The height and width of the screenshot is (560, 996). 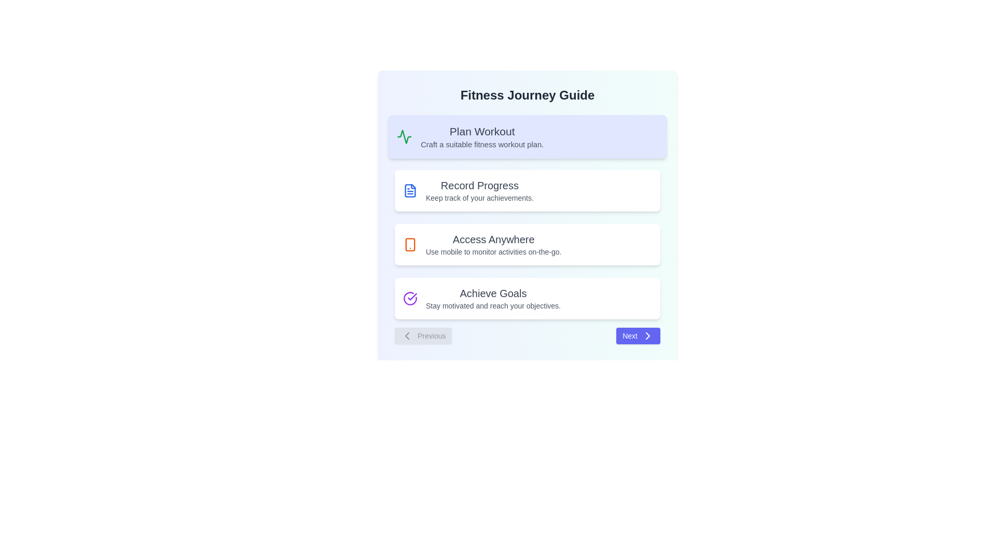 I want to click on the title text element positioned at the top of the 'Access Anywhere' section, which summarizes the content of the section, so click(x=493, y=240).